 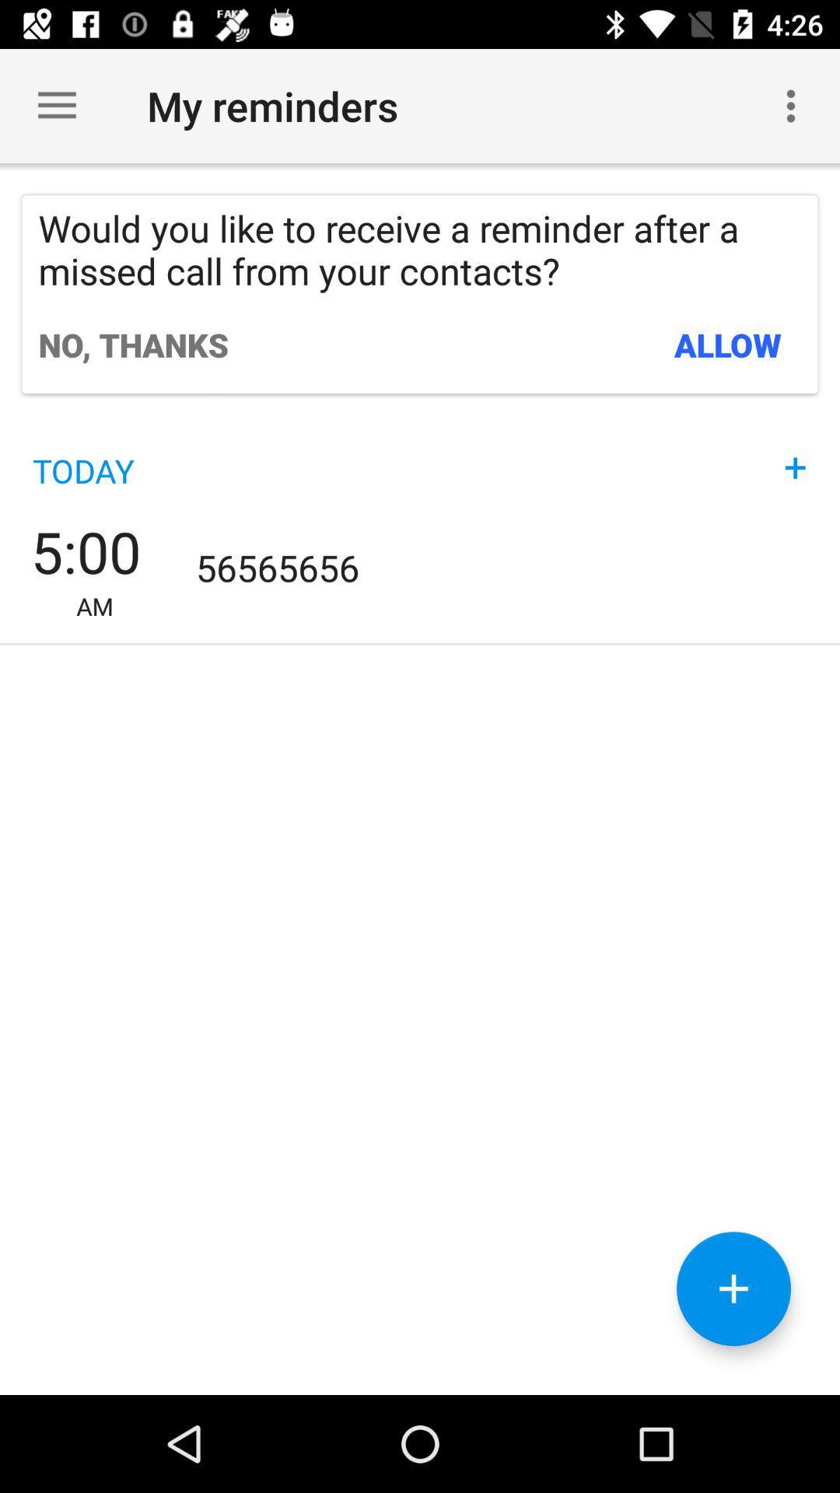 What do you see at coordinates (728, 344) in the screenshot?
I see `item above the + item` at bounding box center [728, 344].